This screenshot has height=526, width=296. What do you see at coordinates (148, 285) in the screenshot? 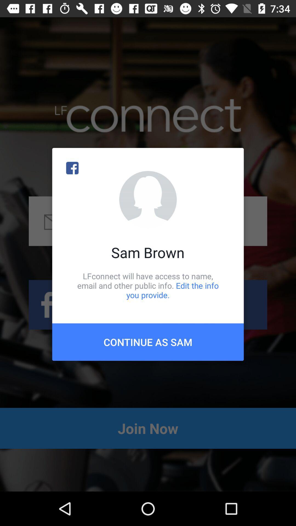
I see `the item above the continue as sam` at bounding box center [148, 285].